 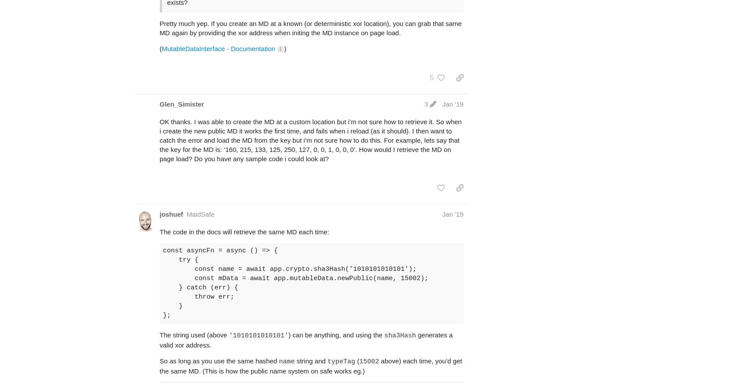 What do you see at coordinates (310, 28) in the screenshot?
I see `'Pretty much yep. If you create an MD at a known (or deterministic xor location), you can grab that same MD again by providing the xor address when initing the MD instance on page load.'` at bounding box center [310, 28].